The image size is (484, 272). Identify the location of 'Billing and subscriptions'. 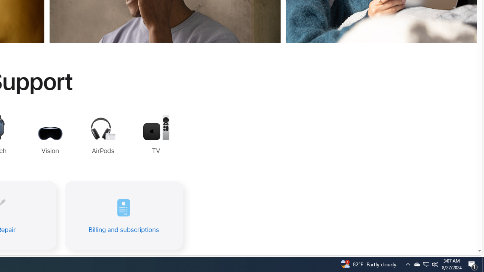
(124, 215).